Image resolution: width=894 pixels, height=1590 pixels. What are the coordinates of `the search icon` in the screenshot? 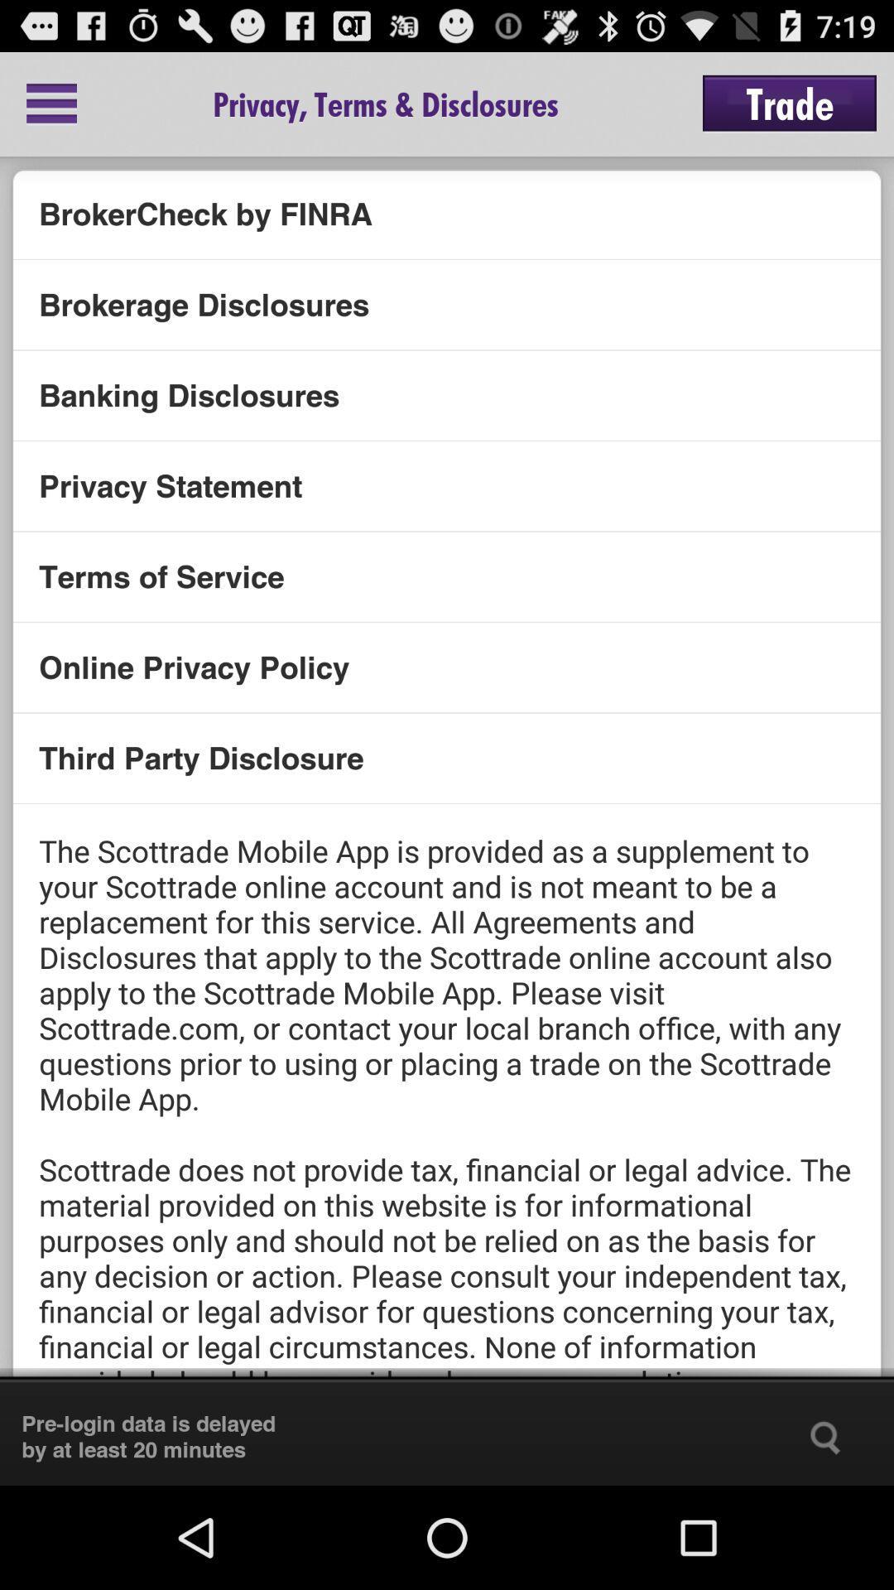 It's located at (825, 1537).